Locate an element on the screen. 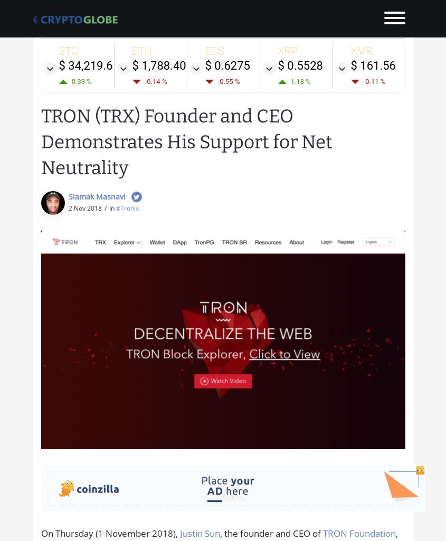 The width and height of the screenshot is (446, 541). '$ 1,788.40' is located at coordinates (158, 65).